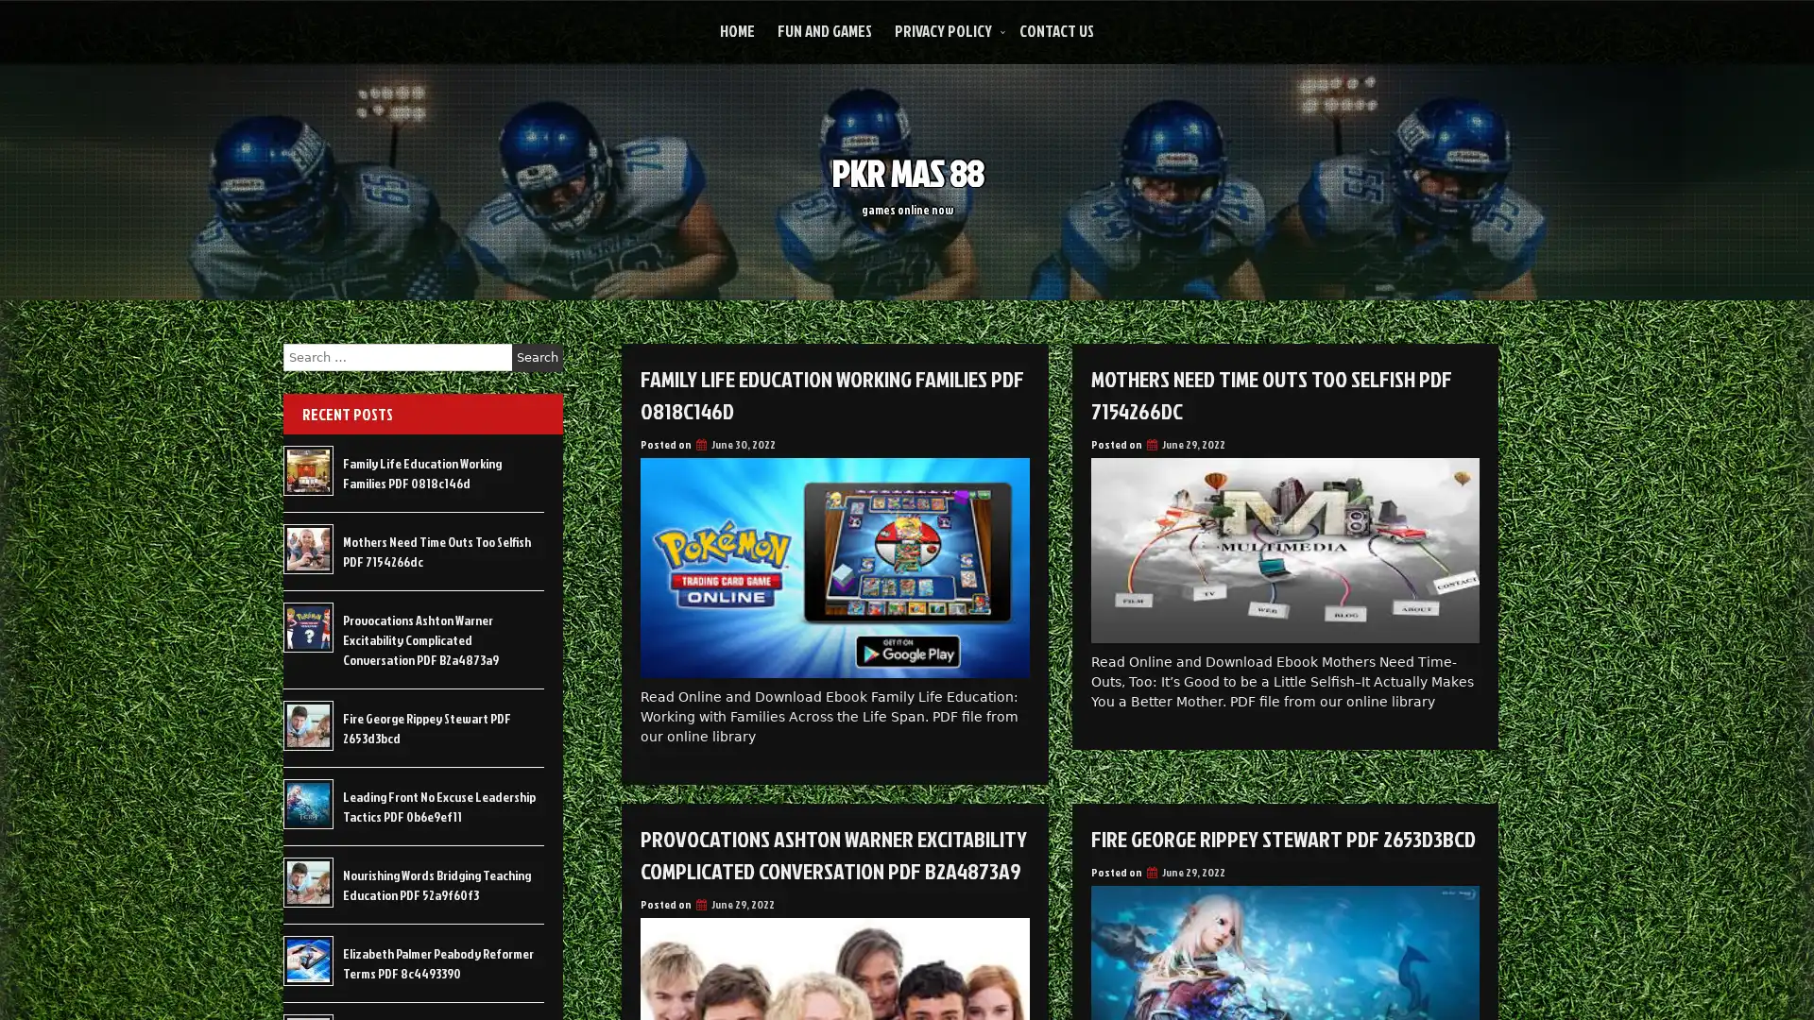 The width and height of the screenshot is (1814, 1020). What do you see at coordinates (537, 357) in the screenshot?
I see `Search` at bounding box center [537, 357].